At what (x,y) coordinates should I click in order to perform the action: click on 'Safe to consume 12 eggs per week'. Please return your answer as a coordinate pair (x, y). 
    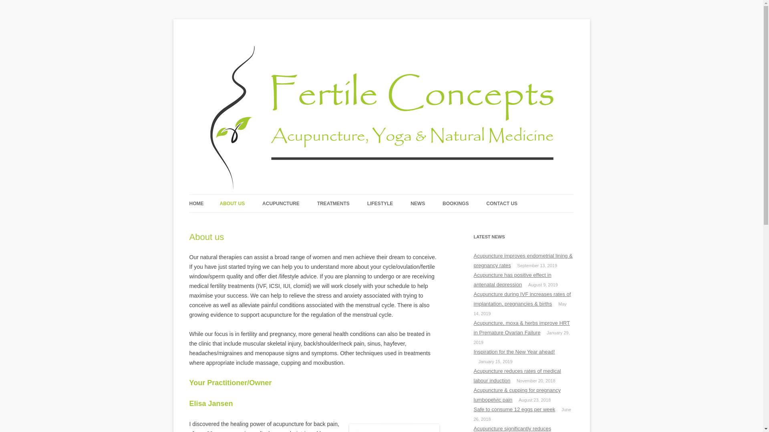
    Looking at the image, I should click on (514, 409).